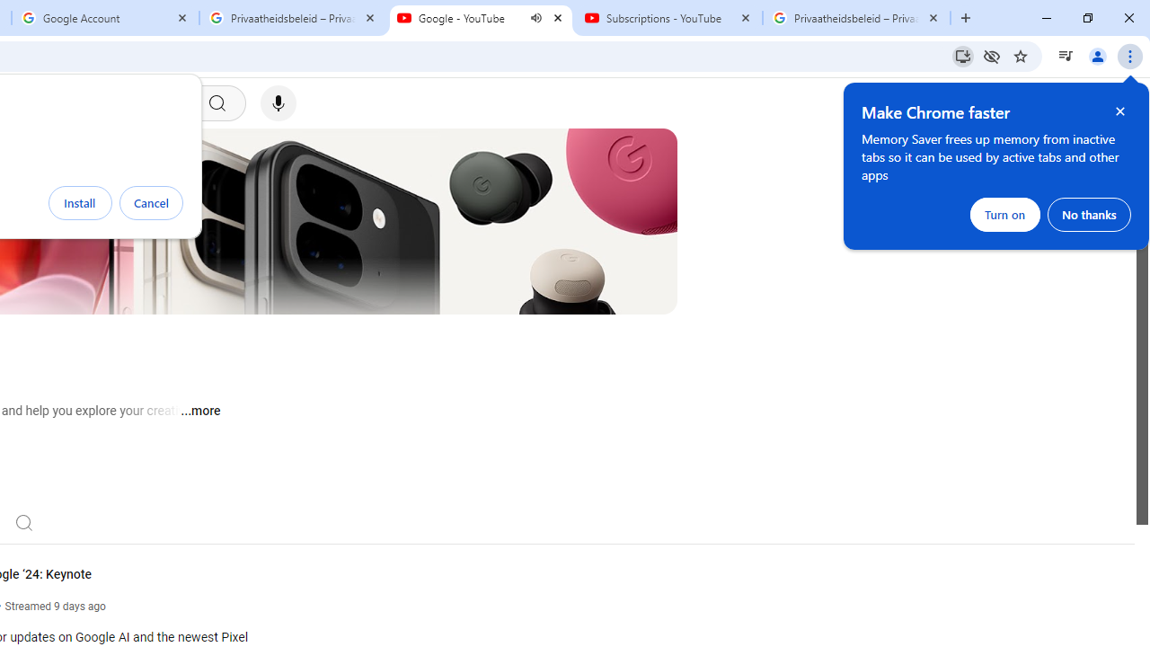 The image size is (1150, 647). Describe the element at coordinates (104, 18) in the screenshot. I see `'Google Account'` at that location.